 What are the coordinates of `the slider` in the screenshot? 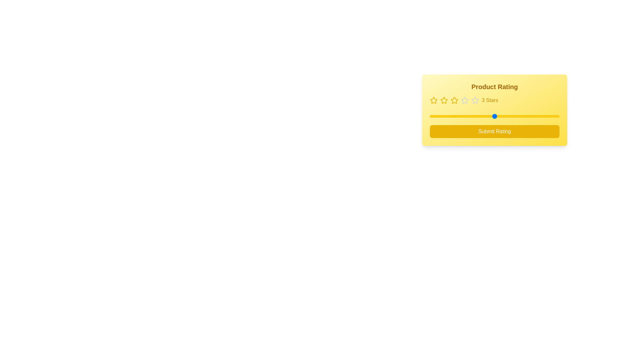 It's located at (494, 116).